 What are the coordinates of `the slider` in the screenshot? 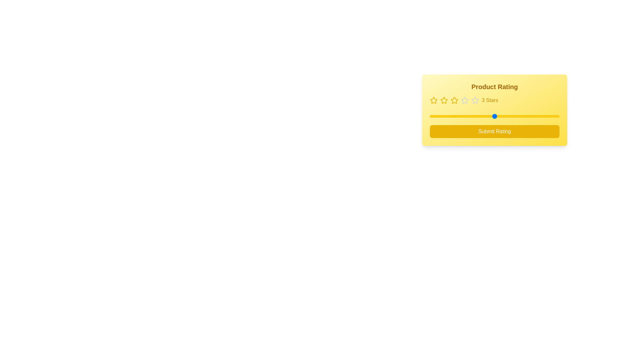 It's located at (494, 116).